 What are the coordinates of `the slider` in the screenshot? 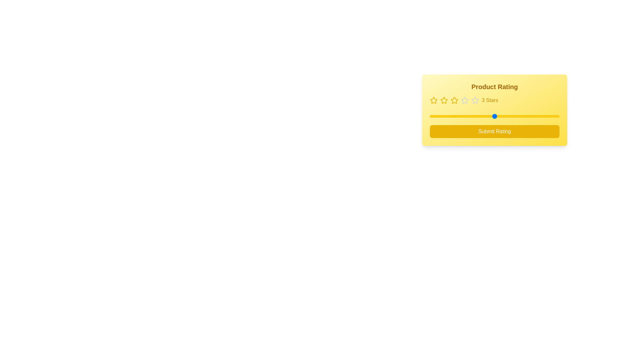 It's located at (494, 116).